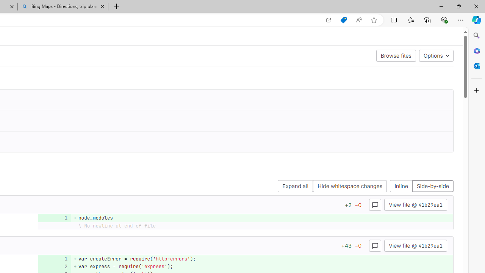  I want to click on 'Add a comment to this line', so click(52, 266).